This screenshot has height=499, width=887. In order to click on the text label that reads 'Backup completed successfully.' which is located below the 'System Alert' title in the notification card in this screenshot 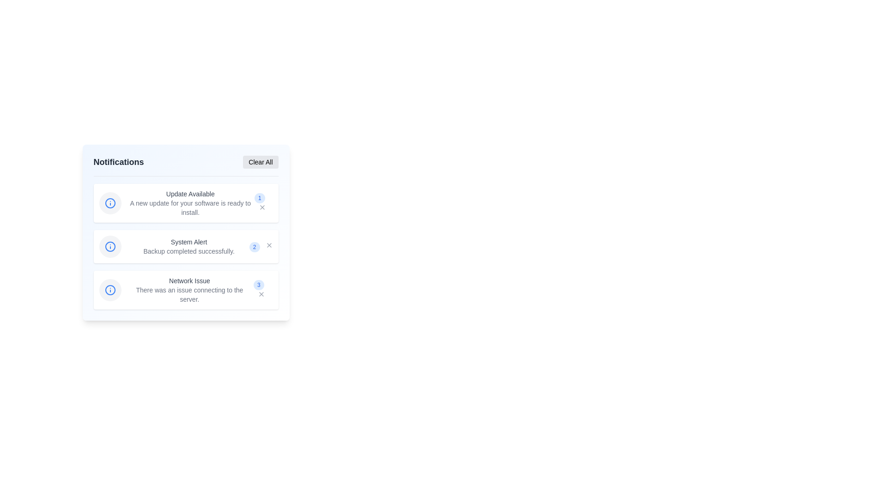, I will do `click(188, 251)`.